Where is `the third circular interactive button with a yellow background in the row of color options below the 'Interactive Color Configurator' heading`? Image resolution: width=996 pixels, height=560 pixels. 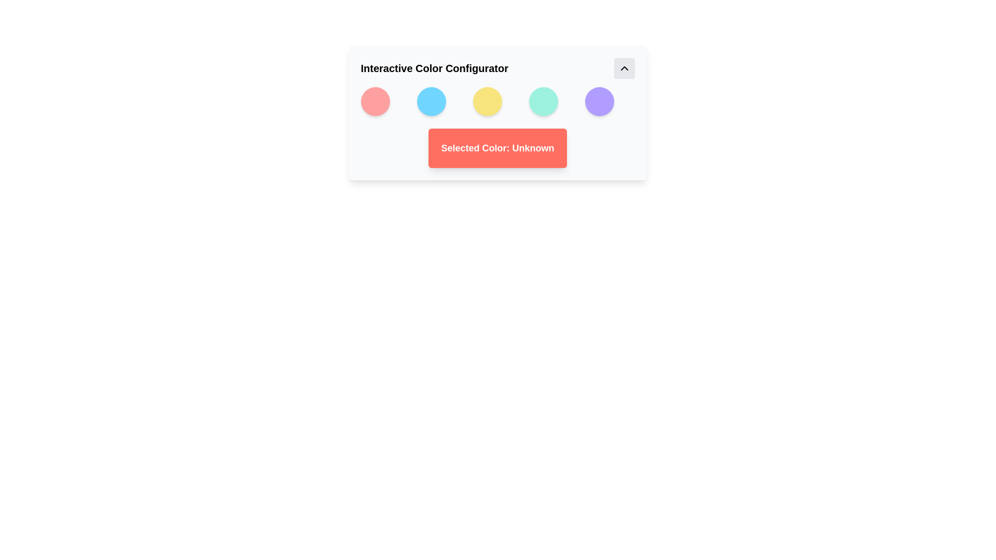 the third circular interactive button with a yellow background in the row of color options below the 'Interactive Color Configurator' heading is located at coordinates (497, 113).